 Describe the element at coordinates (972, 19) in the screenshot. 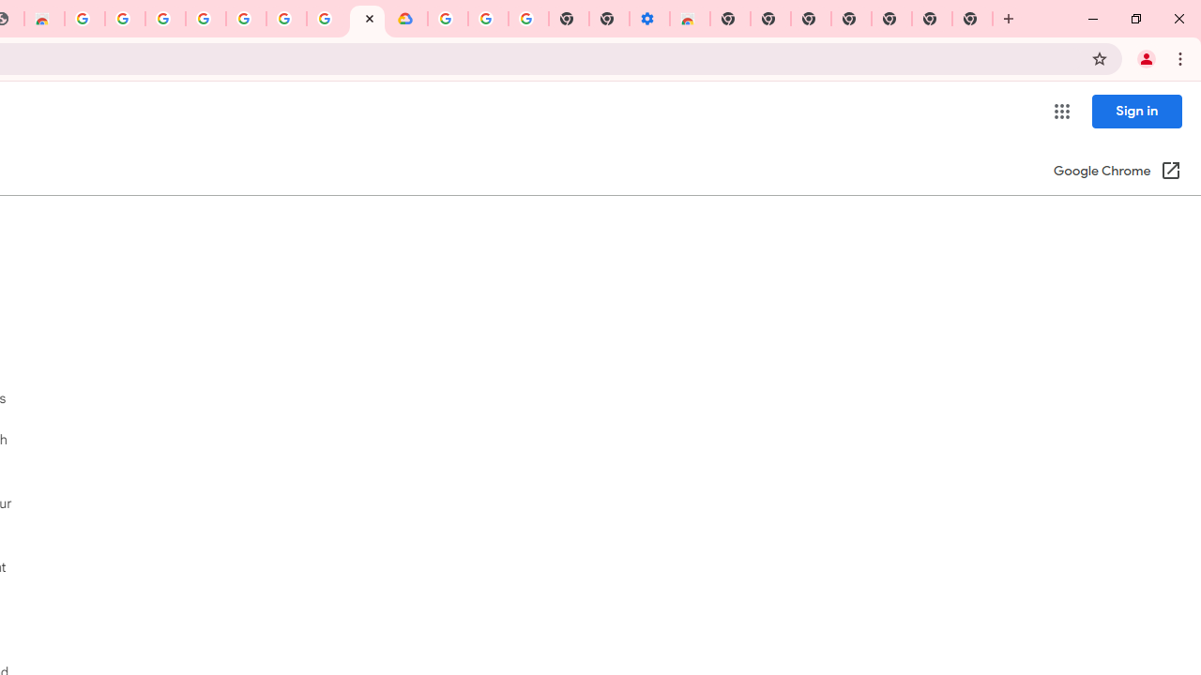

I see `'New Tab'` at that location.